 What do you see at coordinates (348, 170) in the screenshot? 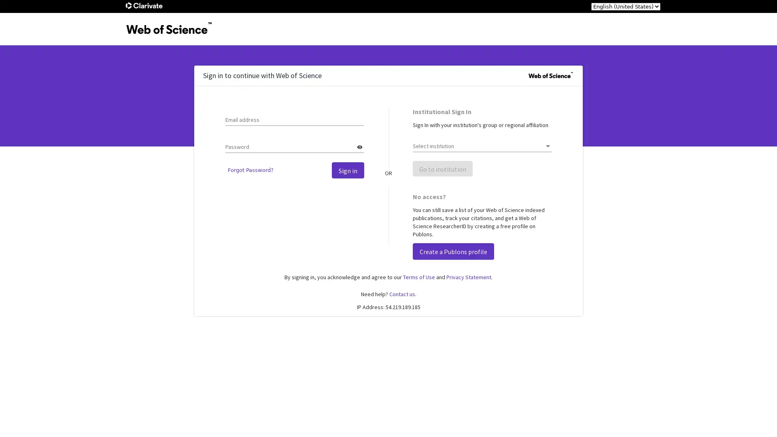
I see `Sign in` at bounding box center [348, 170].